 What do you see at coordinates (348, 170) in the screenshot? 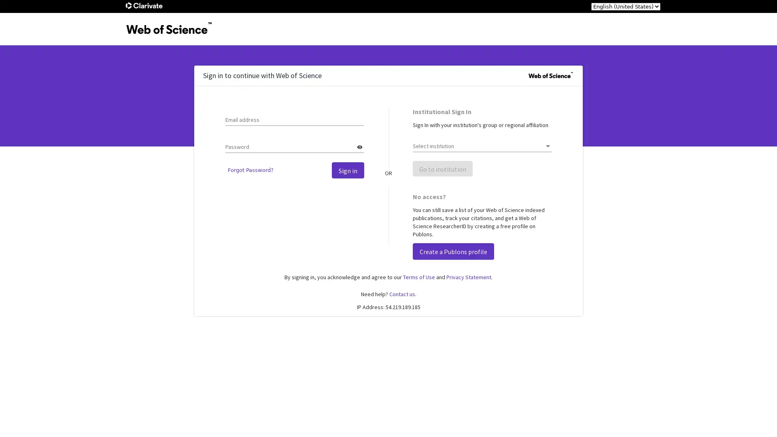
I see `Sign in` at bounding box center [348, 170].